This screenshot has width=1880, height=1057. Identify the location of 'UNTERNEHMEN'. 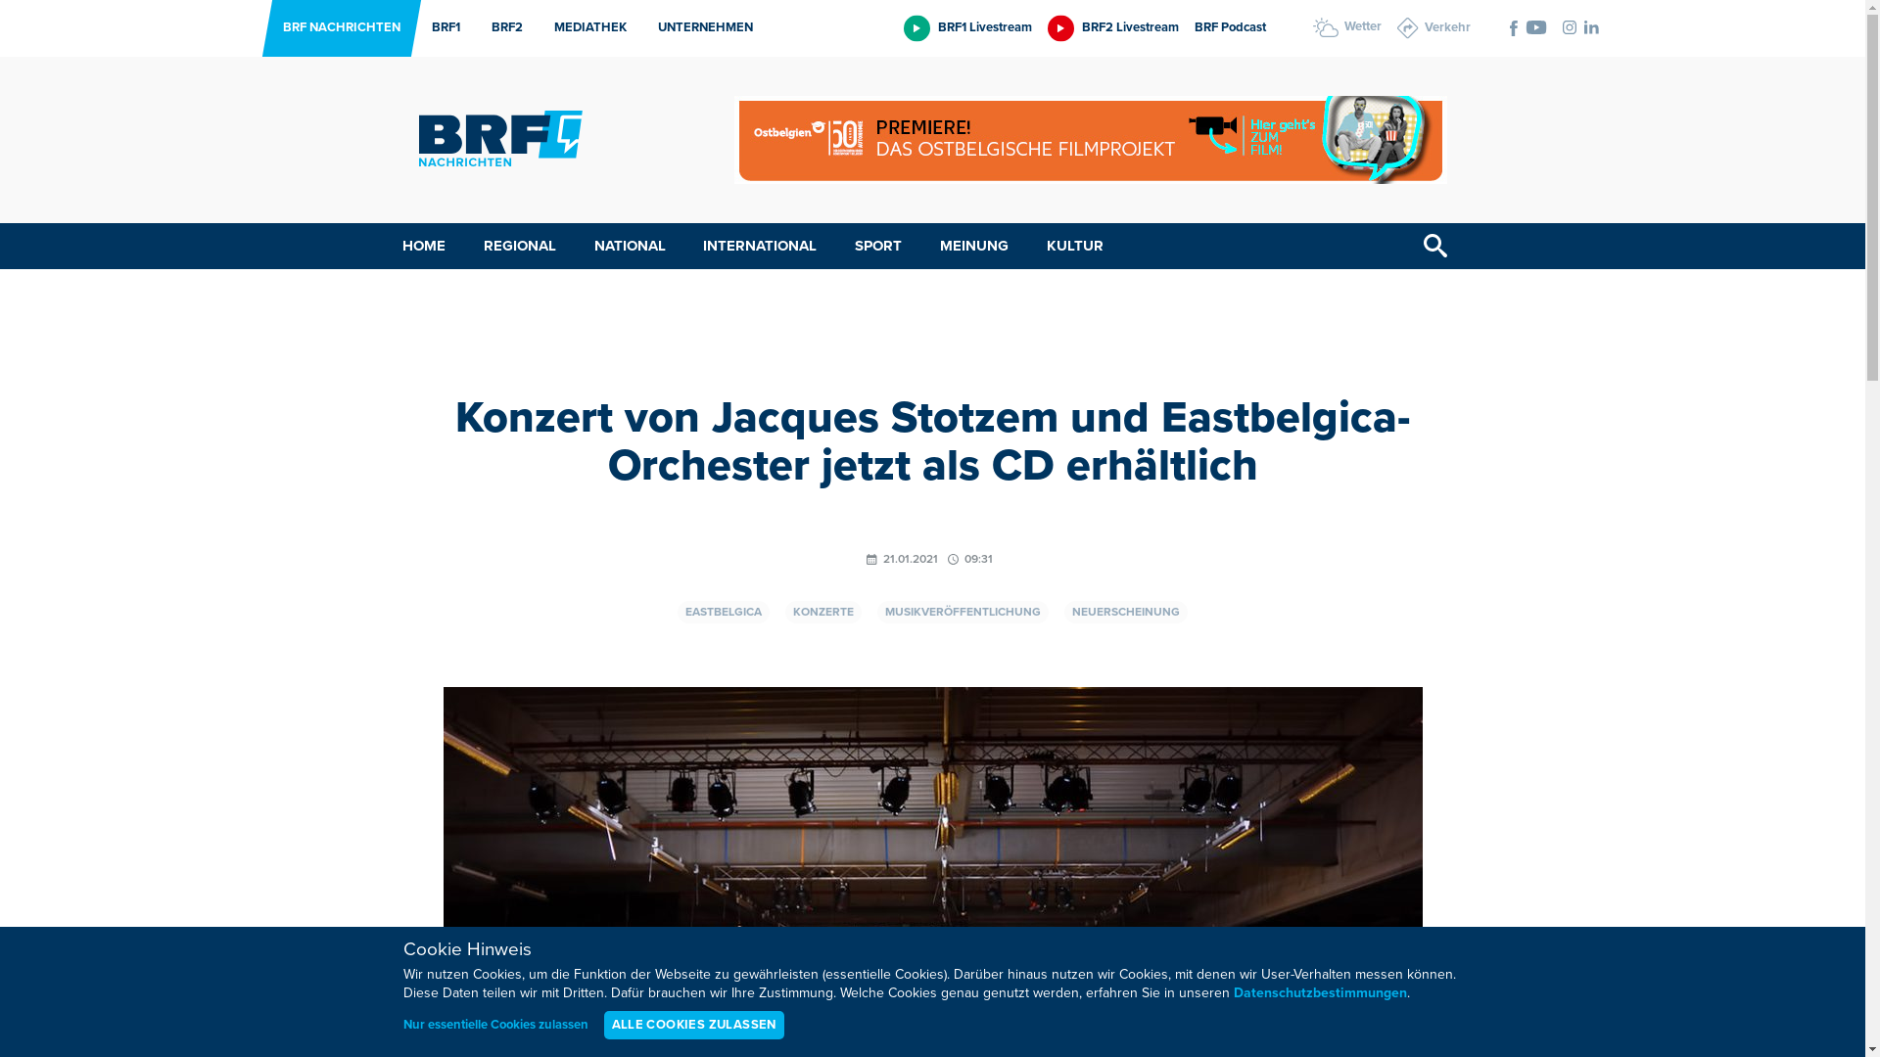
(699, 28).